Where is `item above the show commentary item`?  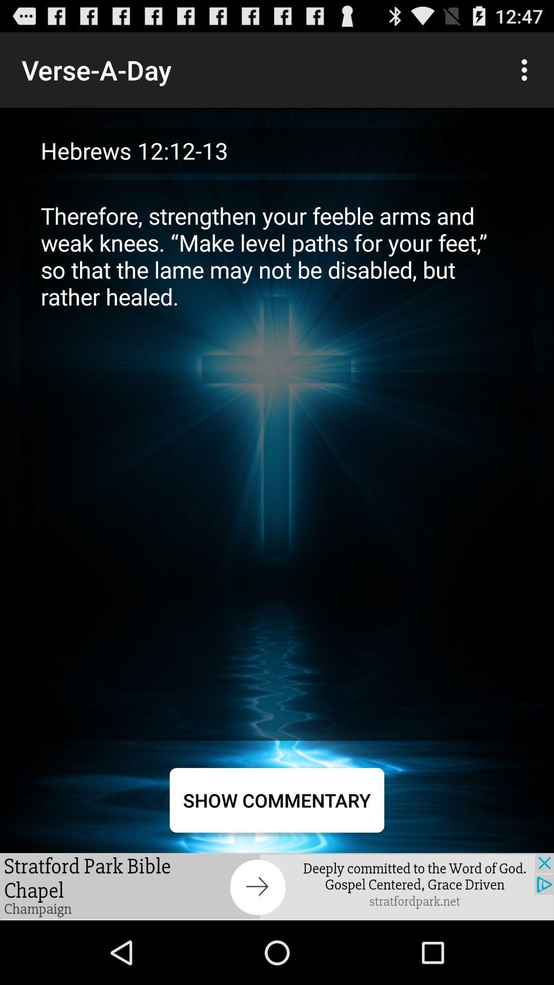 item above the show commentary item is located at coordinates (277, 460).